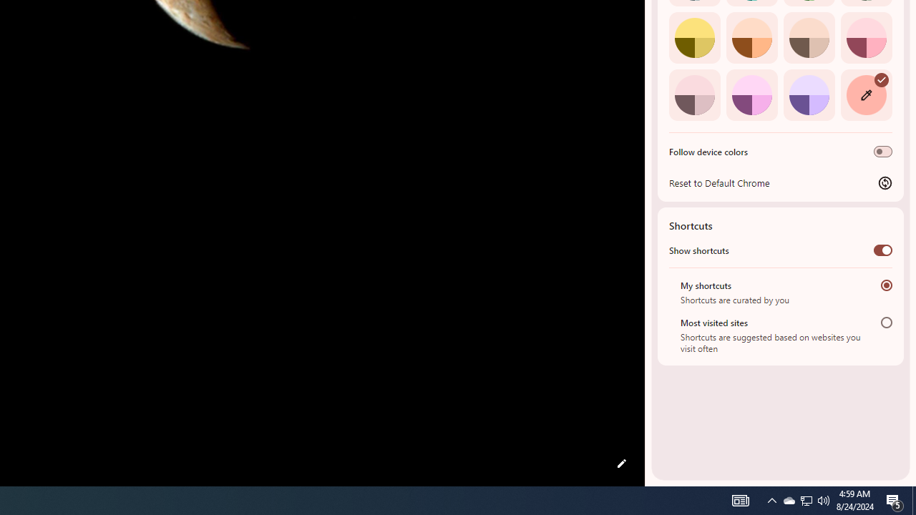 The image size is (916, 515). What do you see at coordinates (751, 94) in the screenshot?
I see `'Fuchsia'` at bounding box center [751, 94].